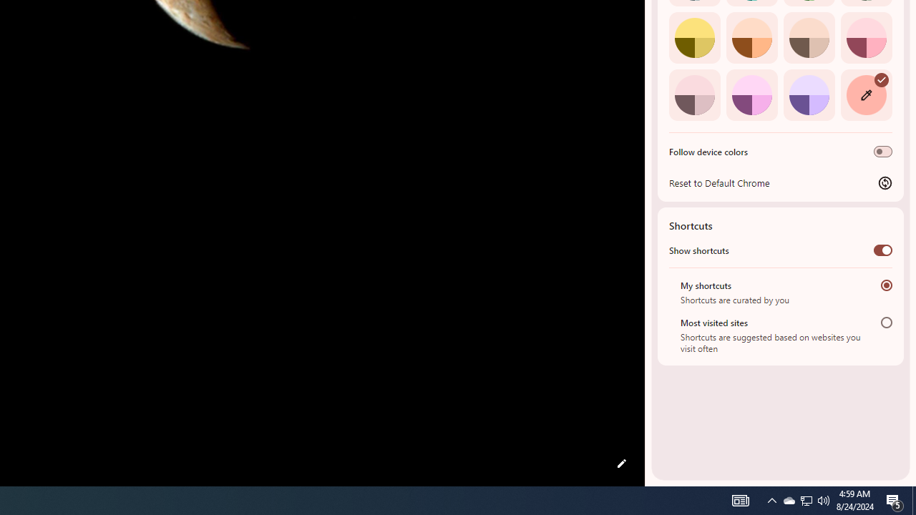 The image size is (916, 515). What do you see at coordinates (751, 94) in the screenshot?
I see `'Fuchsia'` at bounding box center [751, 94].